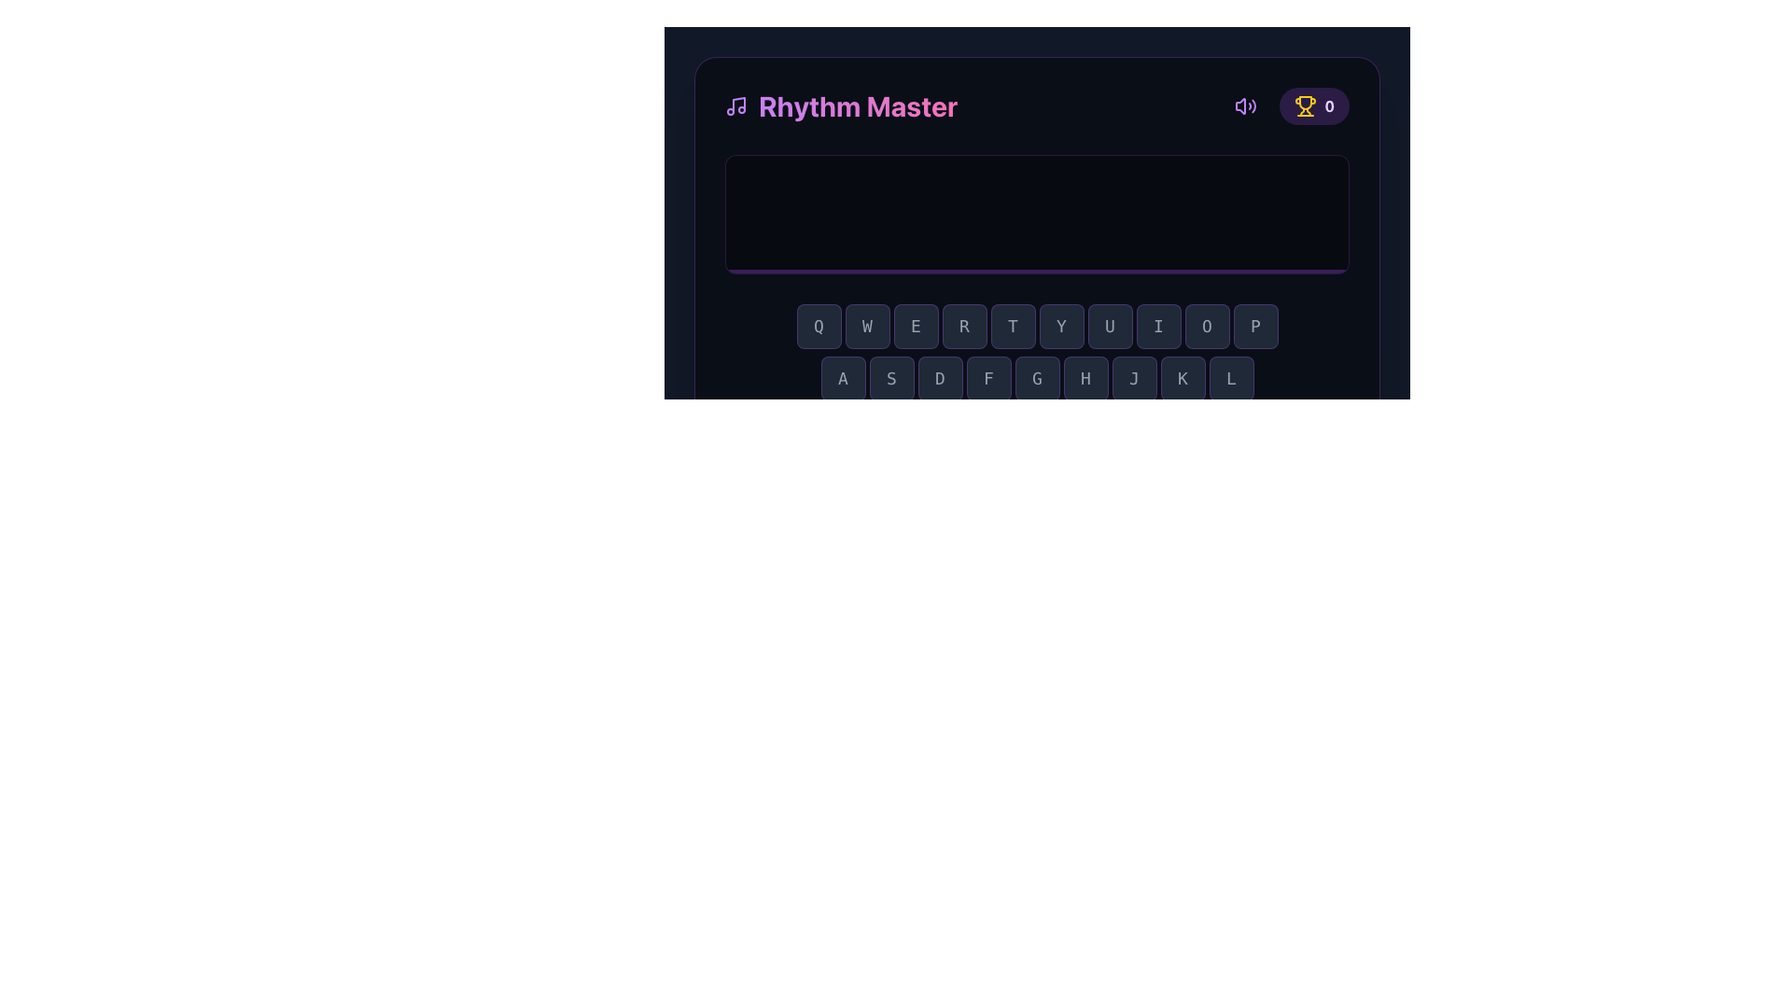  What do you see at coordinates (1287, 106) in the screenshot?
I see `the Score indicator with trophy icon and the number '0' located in the upper-right corner of the 'Rhythm Master' section` at bounding box center [1287, 106].